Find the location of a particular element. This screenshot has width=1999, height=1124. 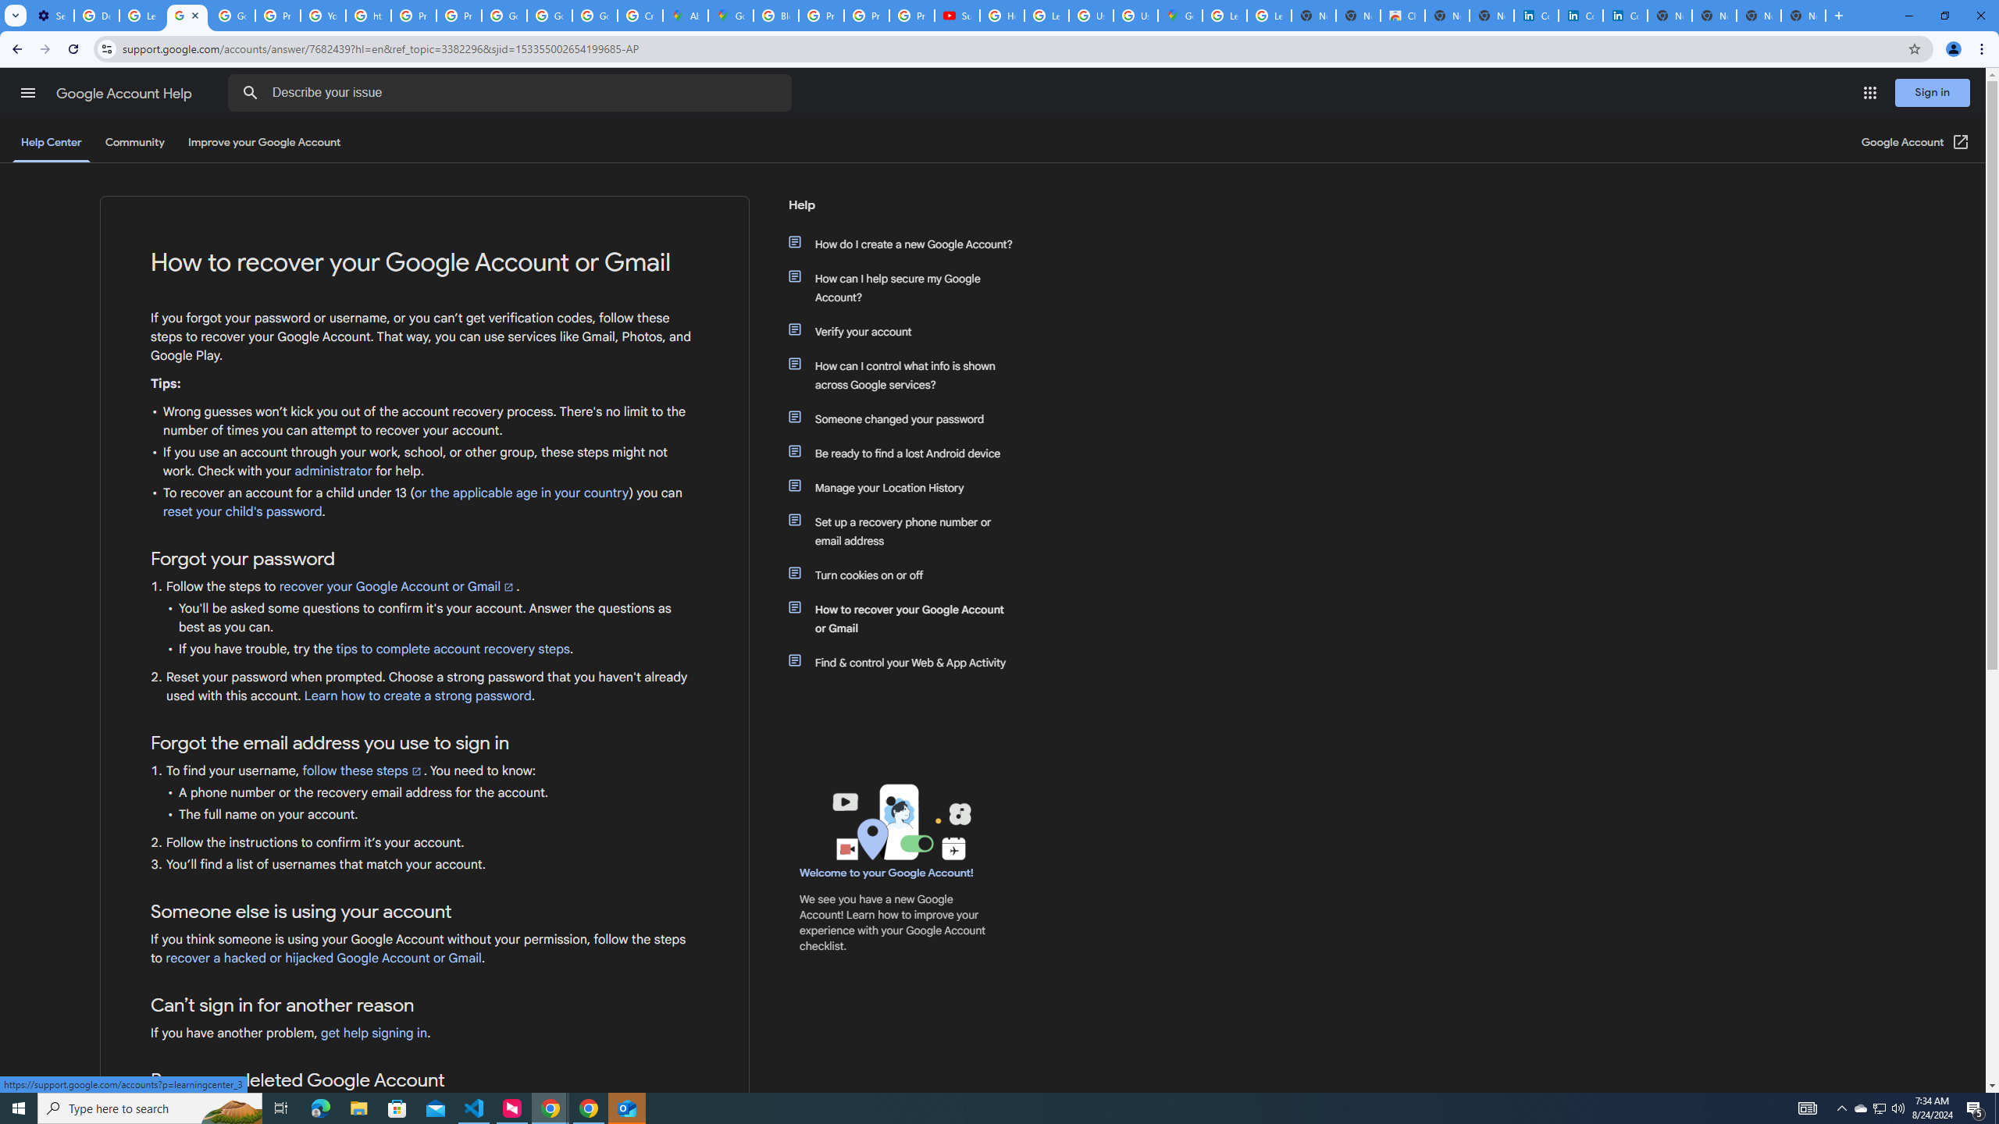

'or the applicable age in your country' is located at coordinates (522, 493).